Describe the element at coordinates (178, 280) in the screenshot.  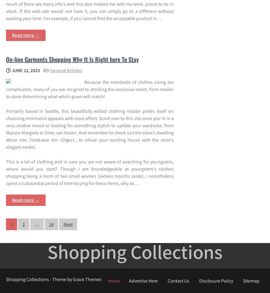
I see `'Contact Us'` at that location.